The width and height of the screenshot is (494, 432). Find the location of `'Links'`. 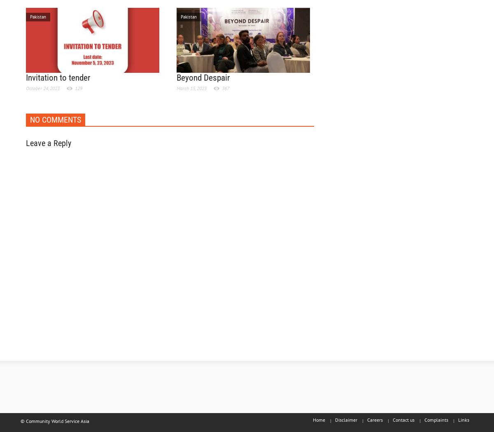

'Links' is located at coordinates (463, 419).